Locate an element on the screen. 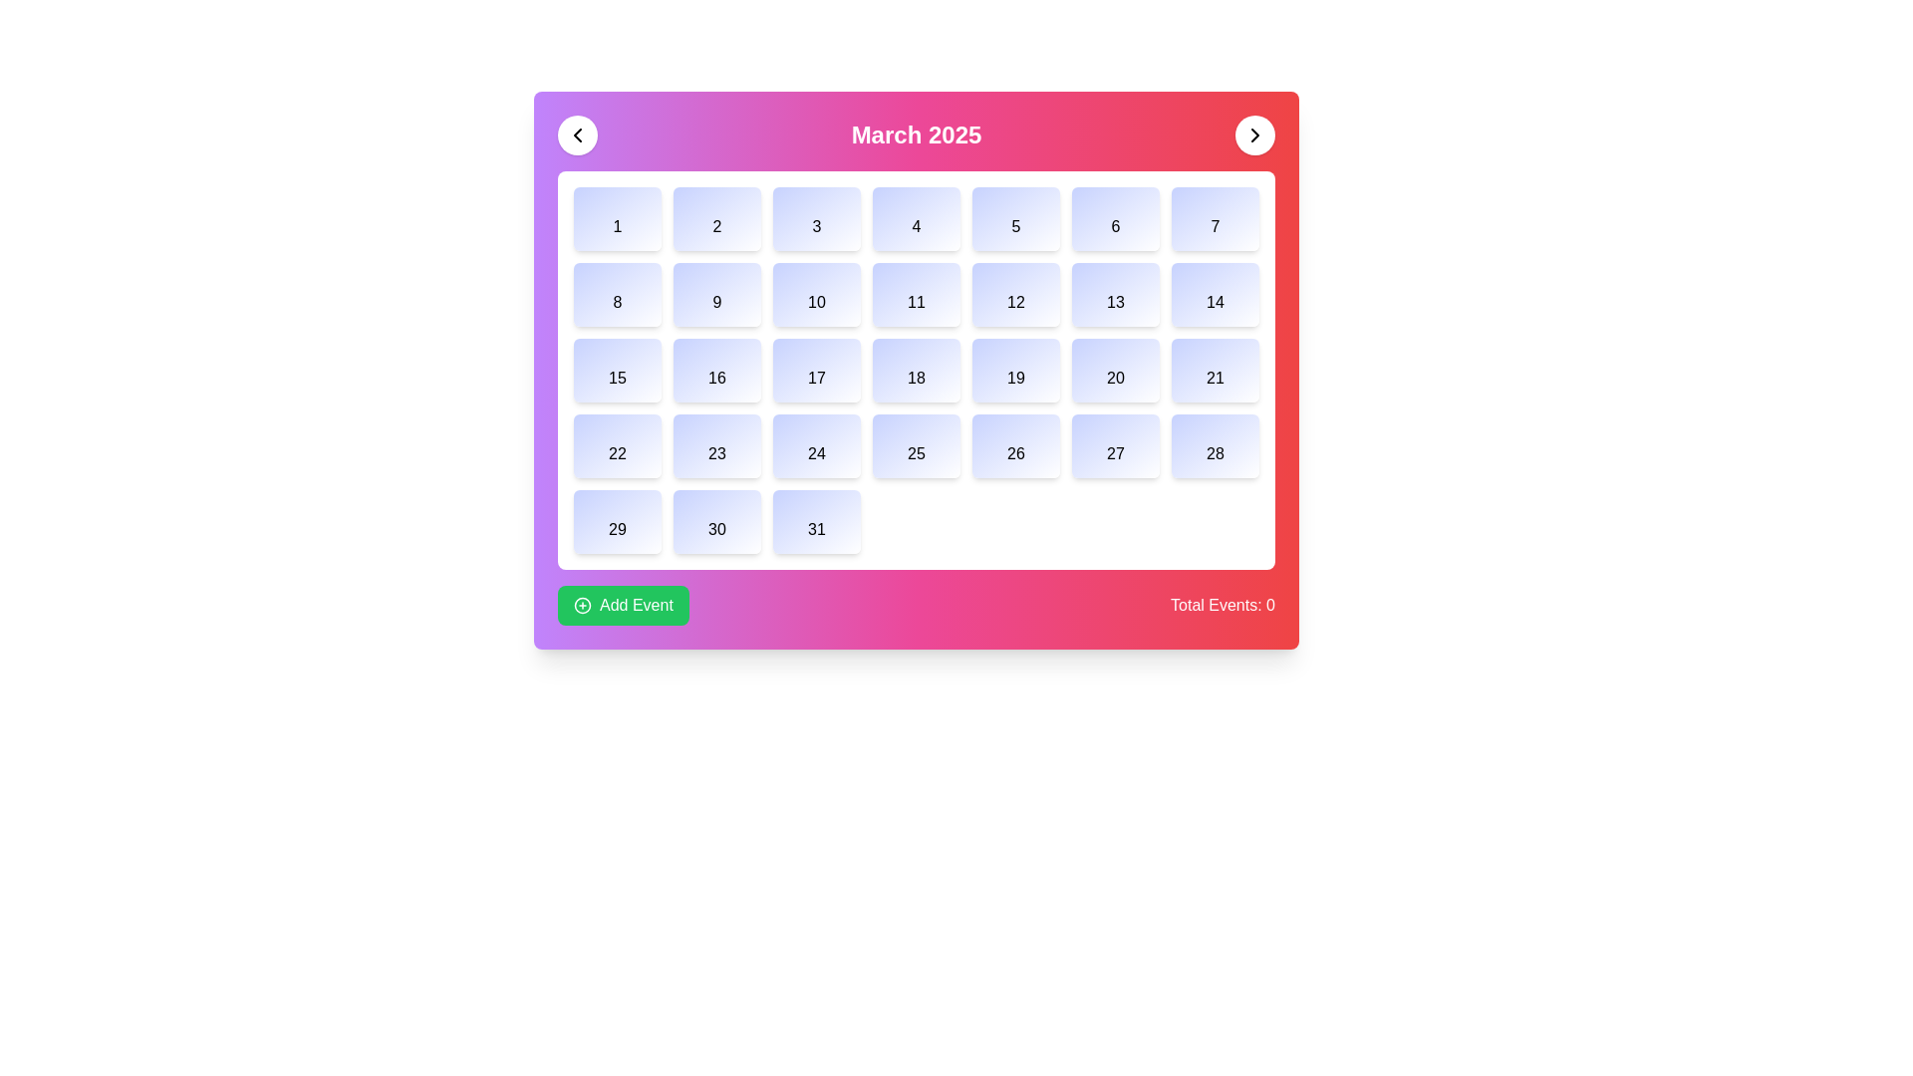 The height and width of the screenshot is (1076, 1913). the calendar day grid item displaying the number '20' is located at coordinates (1114, 370).